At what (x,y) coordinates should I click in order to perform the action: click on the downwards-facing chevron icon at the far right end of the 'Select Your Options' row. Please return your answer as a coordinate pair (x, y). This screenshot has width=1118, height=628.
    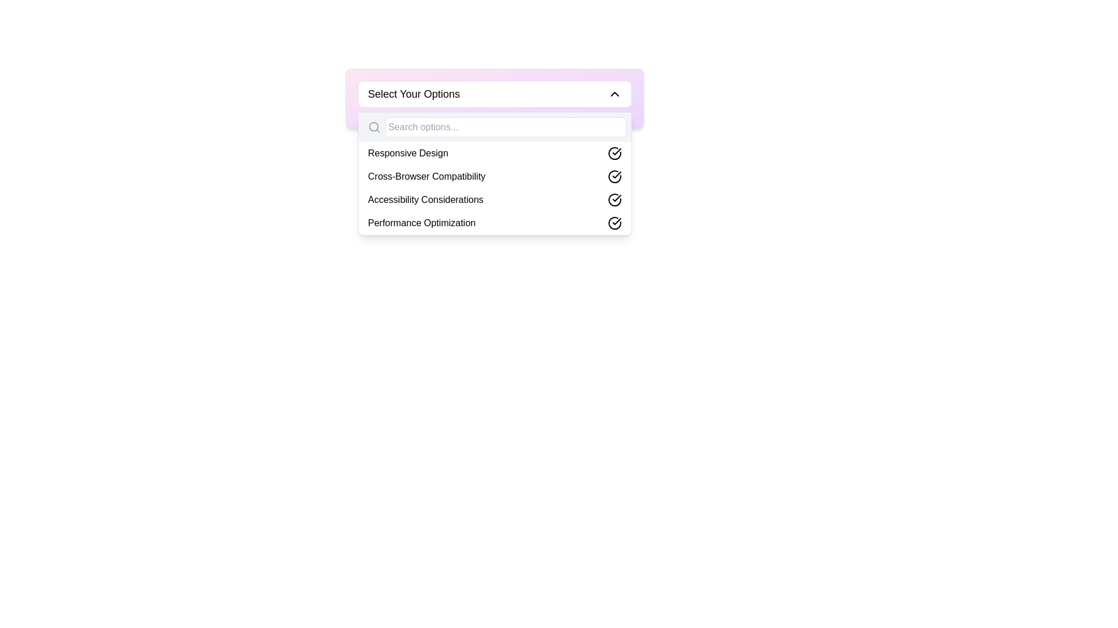
    Looking at the image, I should click on (614, 94).